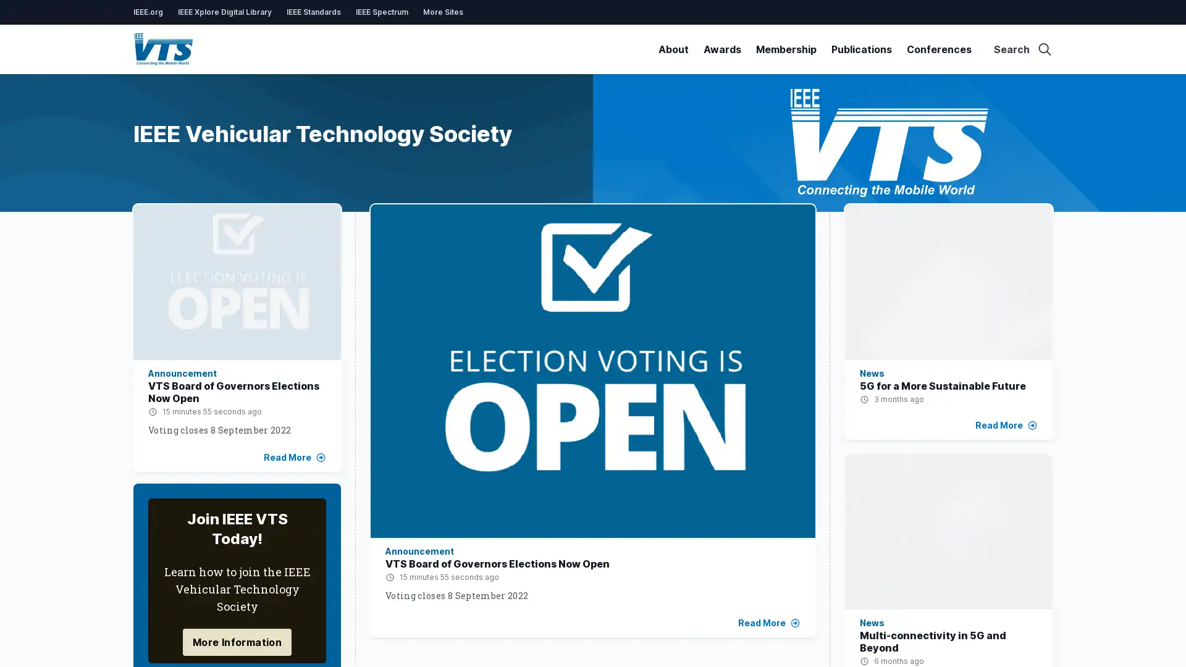  I want to click on Membership, so click(785, 49).